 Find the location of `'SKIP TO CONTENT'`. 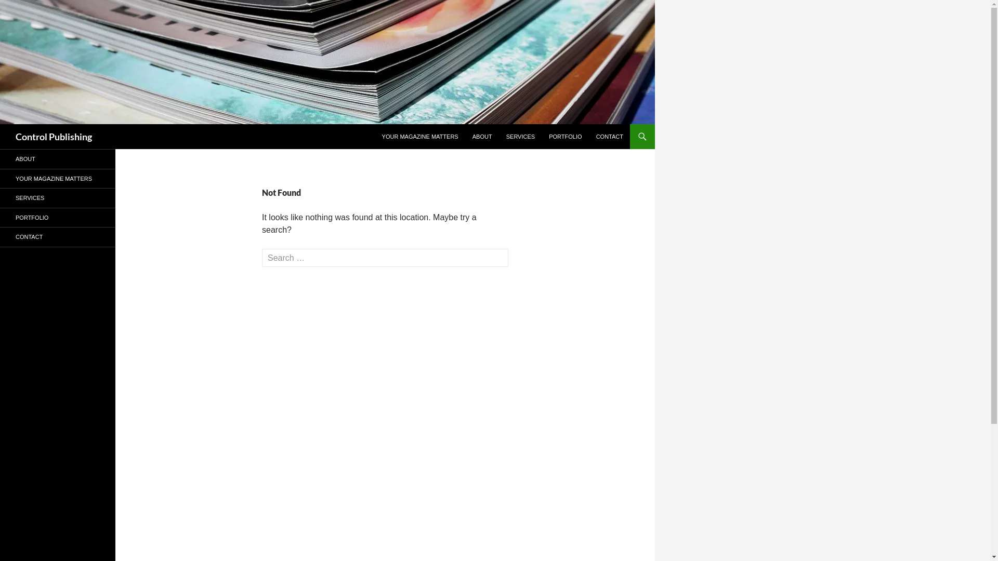

'SKIP TO CONTENT' is located at coordinates (374, 123).